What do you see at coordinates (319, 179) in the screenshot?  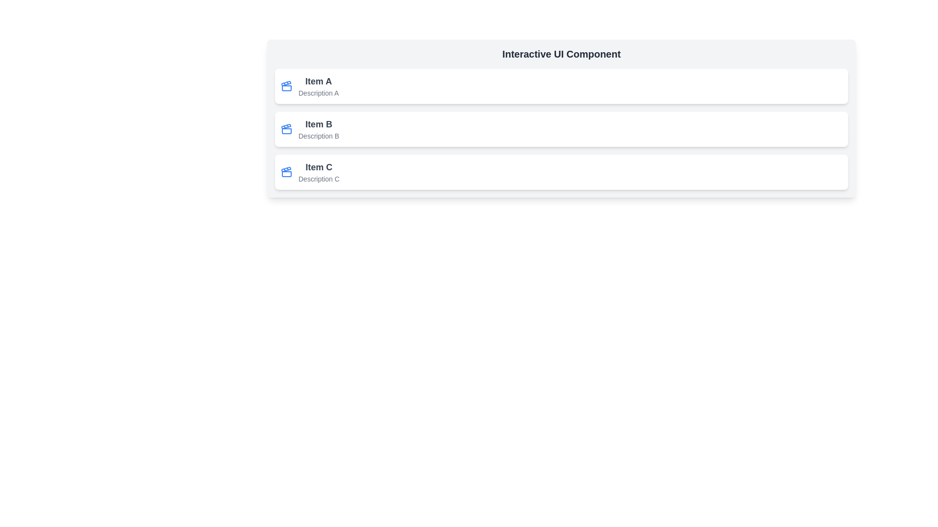 I see `the text label providing additional information about 'Item C', located beneath the title 'Item C'` at bounding box center [319, 179].